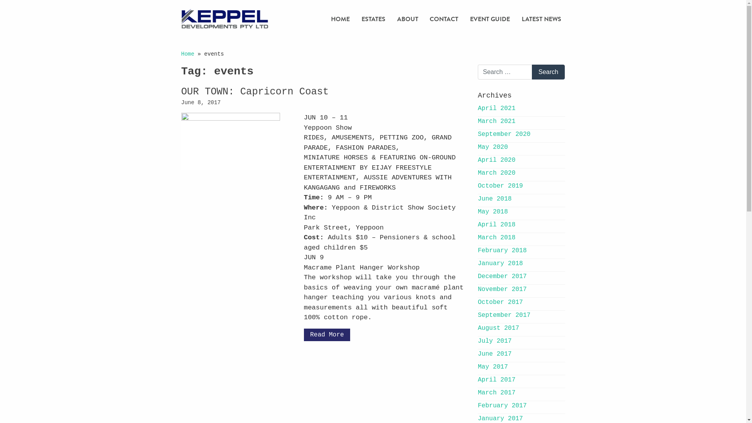  I want to click on 'April 2018', so click(496, 225).